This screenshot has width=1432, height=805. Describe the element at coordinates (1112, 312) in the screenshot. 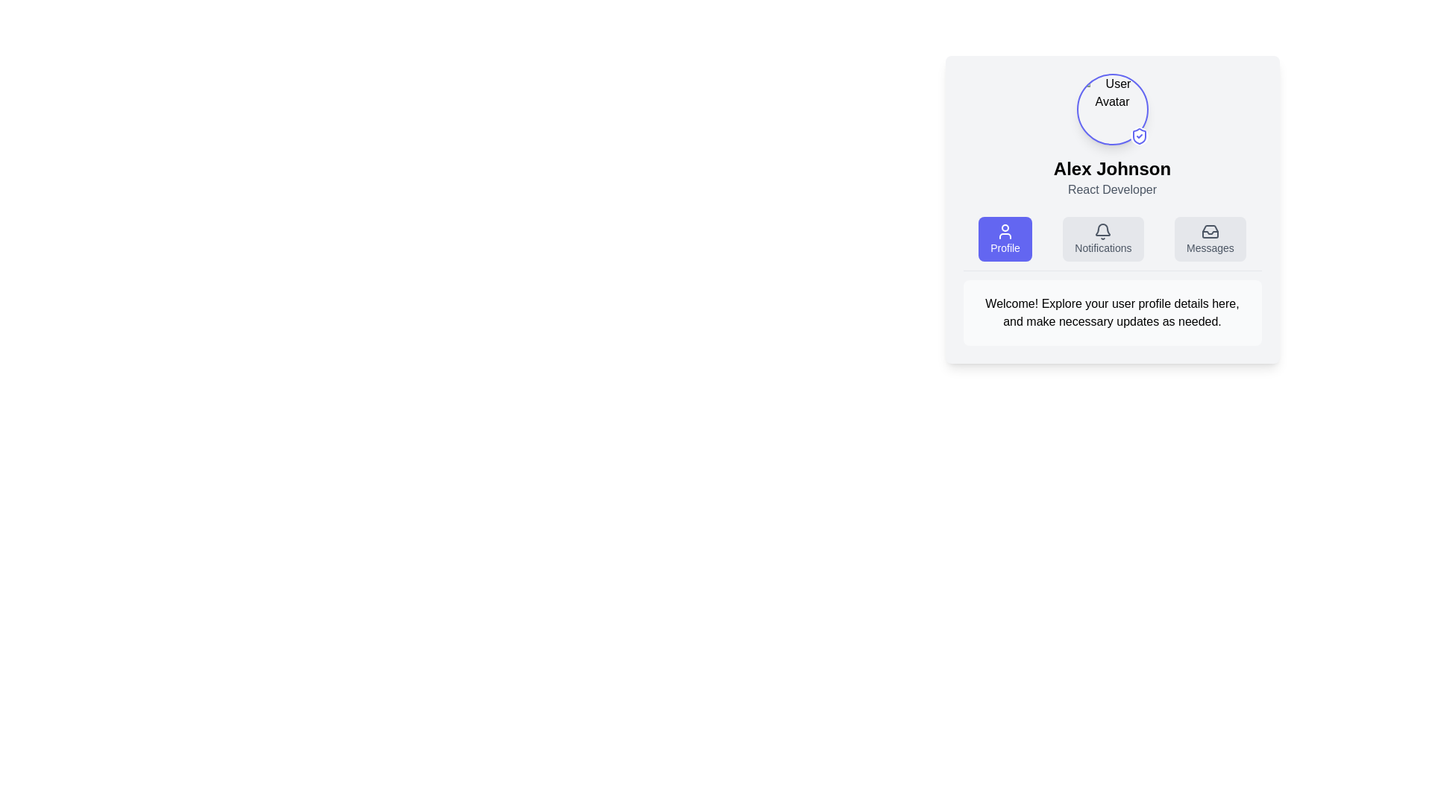

I see `the informative Text block that provides user instructions, located below the navigational options in the card component` at that location.